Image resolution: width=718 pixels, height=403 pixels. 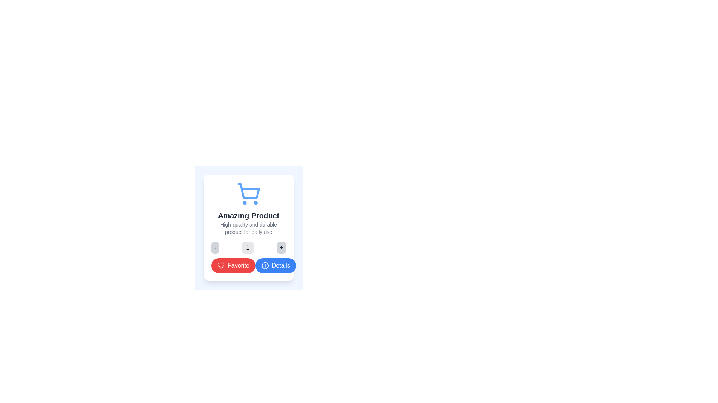 What do you see at coordinates (220, 265) in the screenshot?
I see `the red heart-shaped icon button, which represents the 'favorite' or 'like' action, to favorite the product` at bounding box center [220, 265].